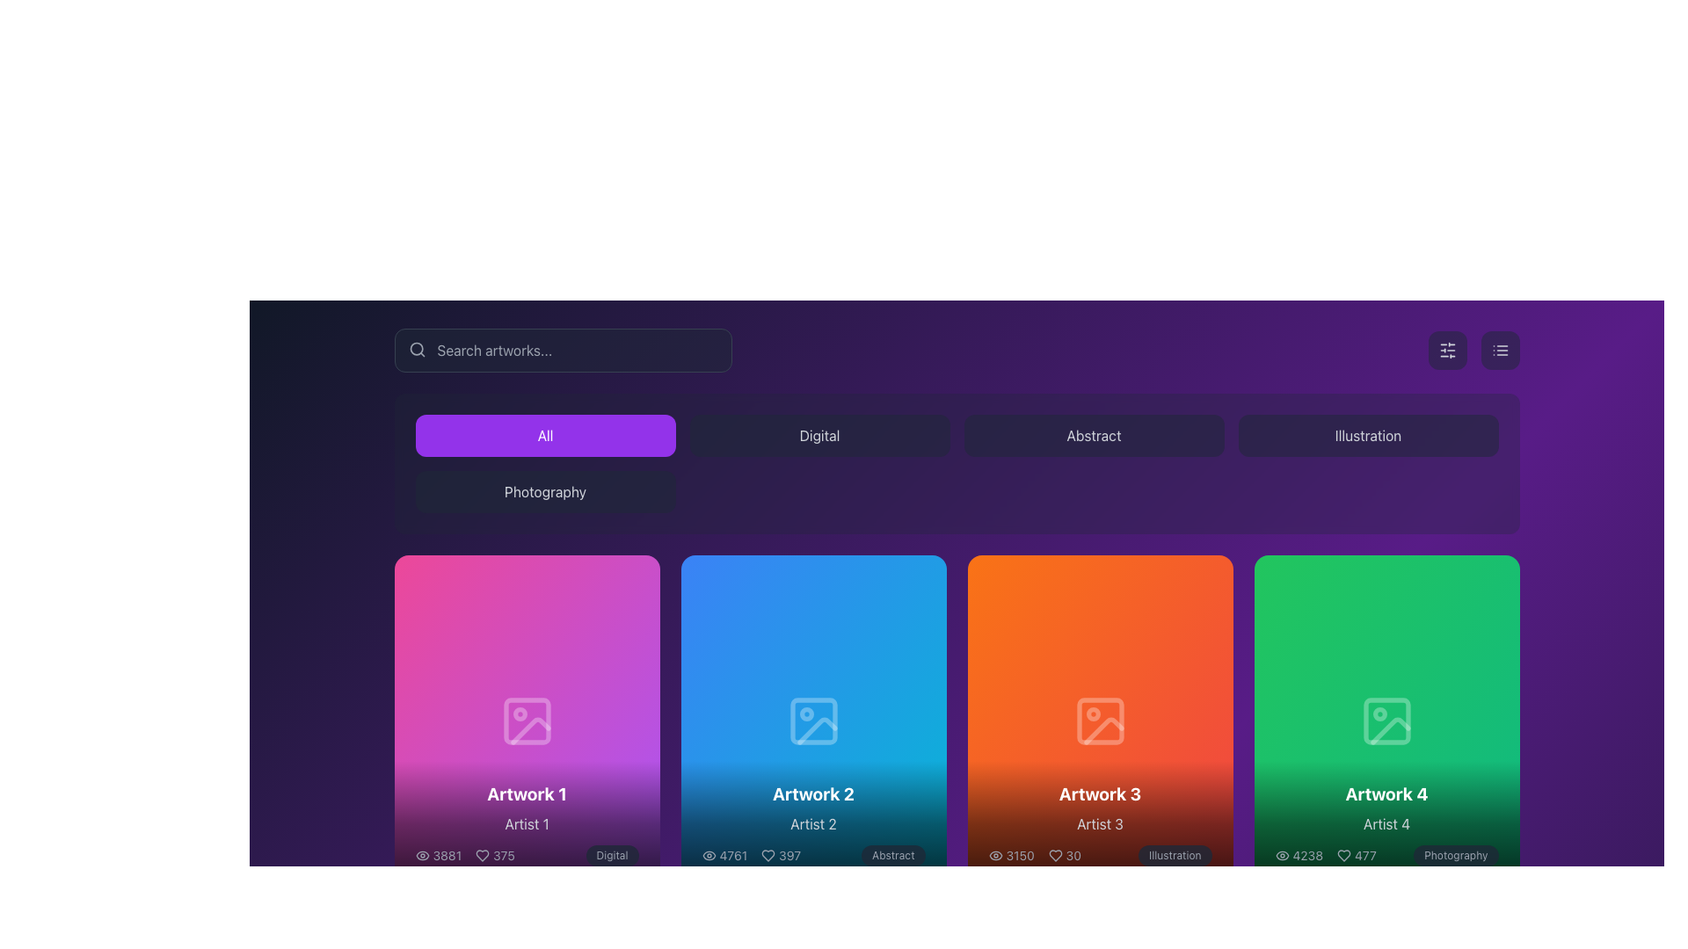 Image resolution: width=1688 pixels, height=949 pixels. What do you see at coordinates (995, 854) in the screenshot?
I see `eye icon element, which is an outer elliptical outline within the third artwork card, by opening the developer tools` at bounding box center [995, 854].